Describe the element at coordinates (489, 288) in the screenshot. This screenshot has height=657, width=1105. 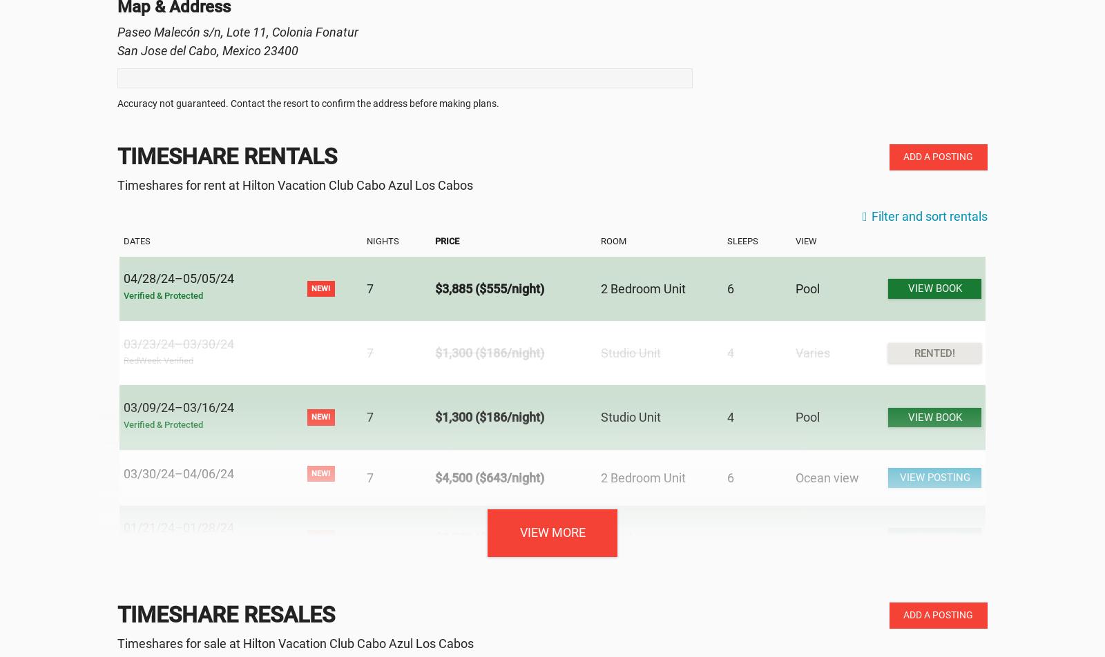
I see `'$3,885 ($555/night)'` at that location.